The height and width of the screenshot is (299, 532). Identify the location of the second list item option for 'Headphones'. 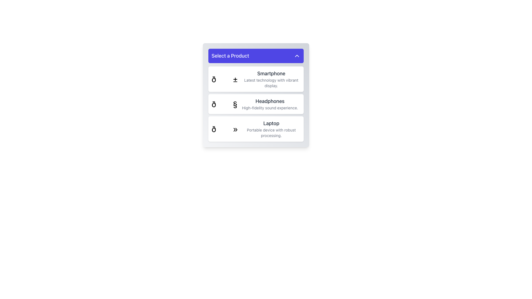
(255, 104).